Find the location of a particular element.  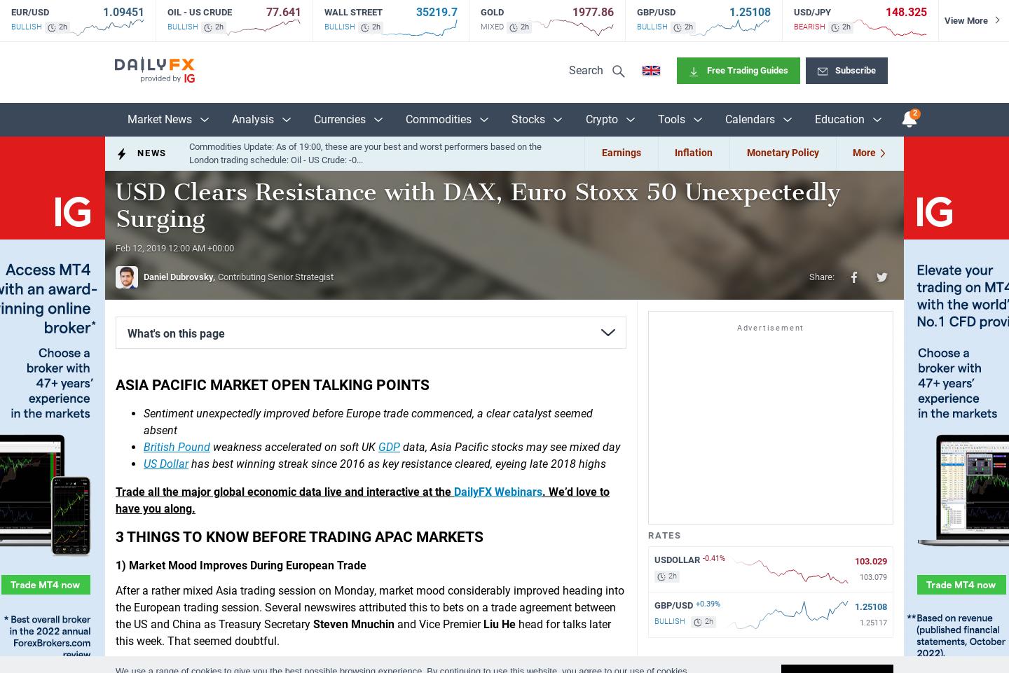

'Analysis' is located at coordinates (252, 118).